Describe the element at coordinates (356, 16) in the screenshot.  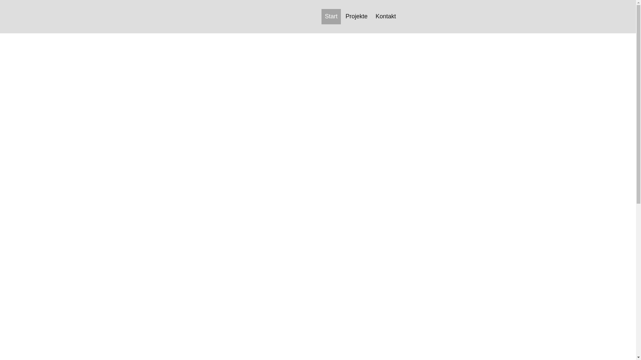
I see `'Projekte'` at that location.